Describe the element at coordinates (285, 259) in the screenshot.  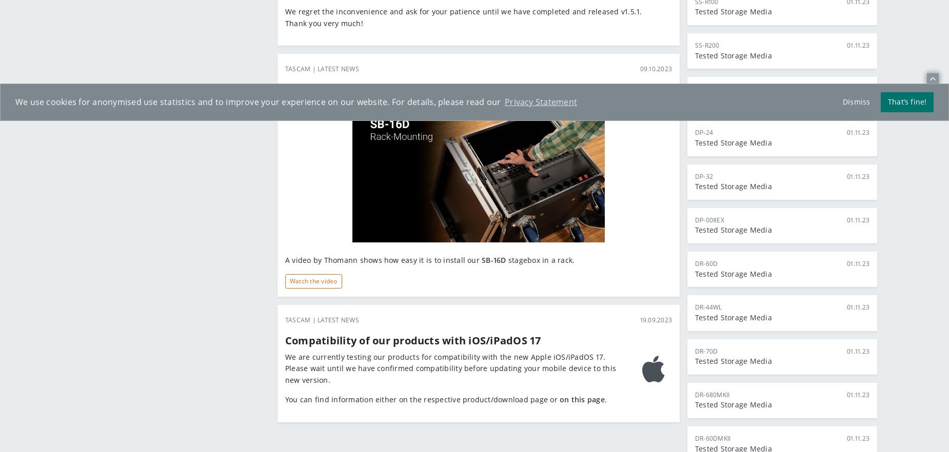
I see `'A video by Thomann shows how easy it is to install our'` at that location.